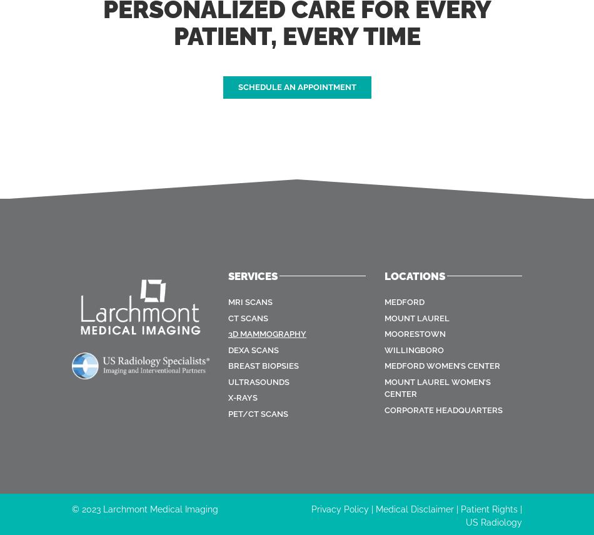 Image resolution: width=594 pixels, height=535 pixels. What do you see at coordinates (415, 334) in the screenshot?
I see `'Moorestown'` at bounding box center [415, 334].